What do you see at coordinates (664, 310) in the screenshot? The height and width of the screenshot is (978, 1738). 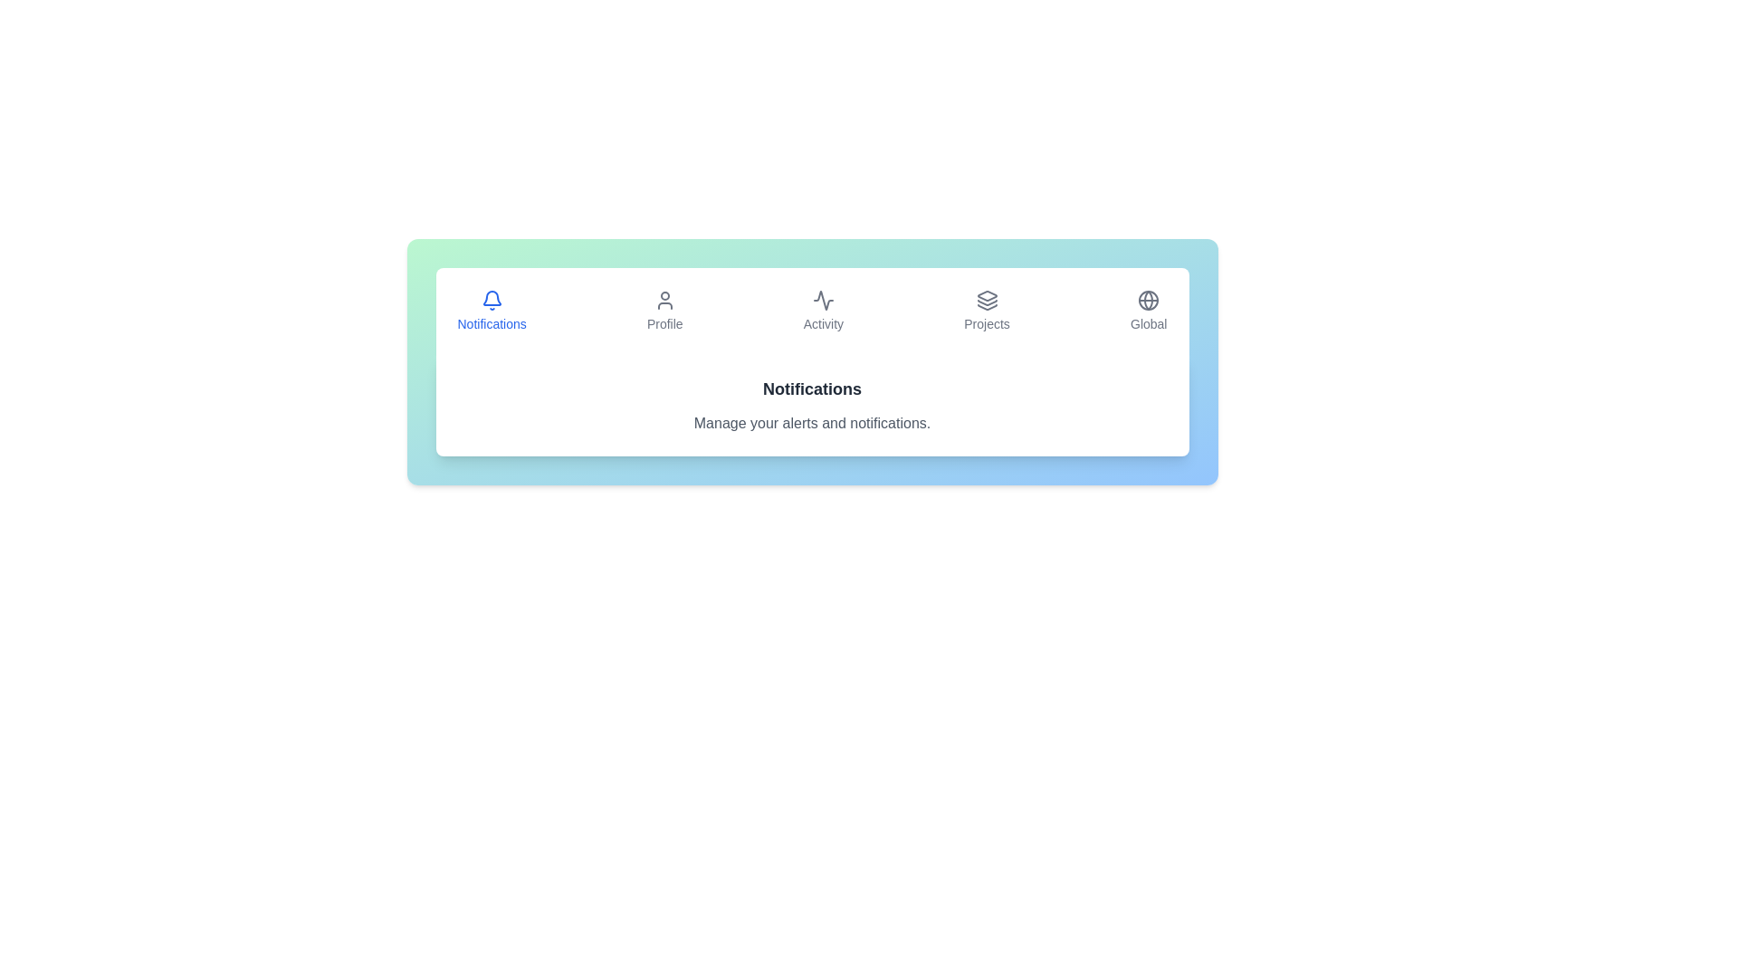 I see `the Profile tab by clicking on its button` at bounding box center [664, 310].